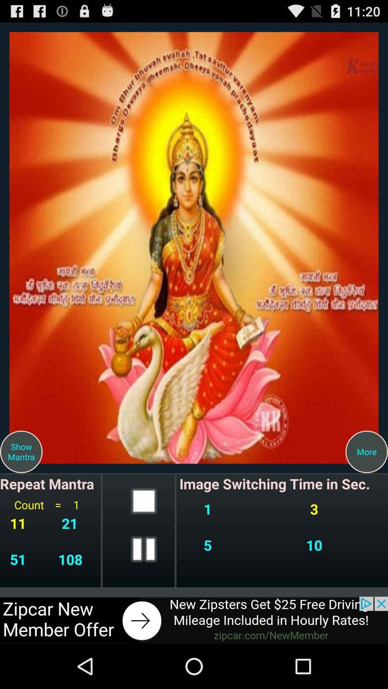 Image resolution: width=388 pixels, height=689 pixels. What do you see at coordinates (194, 620) in the screenshot?
I see `advertisement` at bounding box center [194, 620].